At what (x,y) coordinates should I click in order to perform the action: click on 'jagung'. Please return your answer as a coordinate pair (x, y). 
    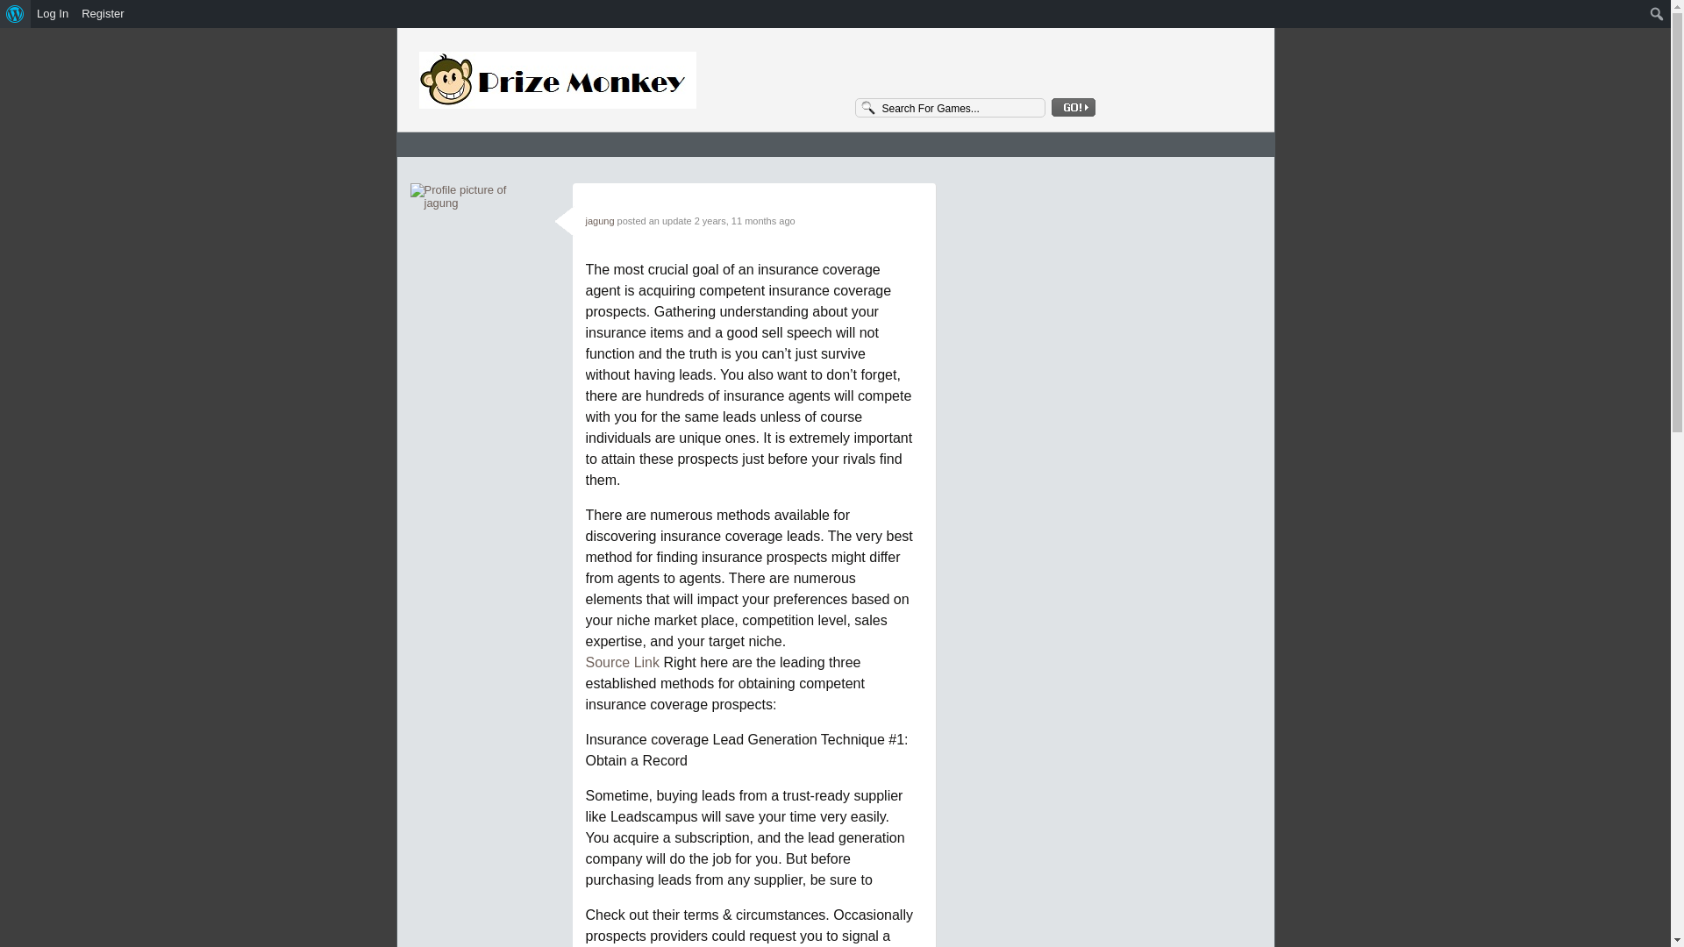
    Looking at the image, I should click on (600, 219).